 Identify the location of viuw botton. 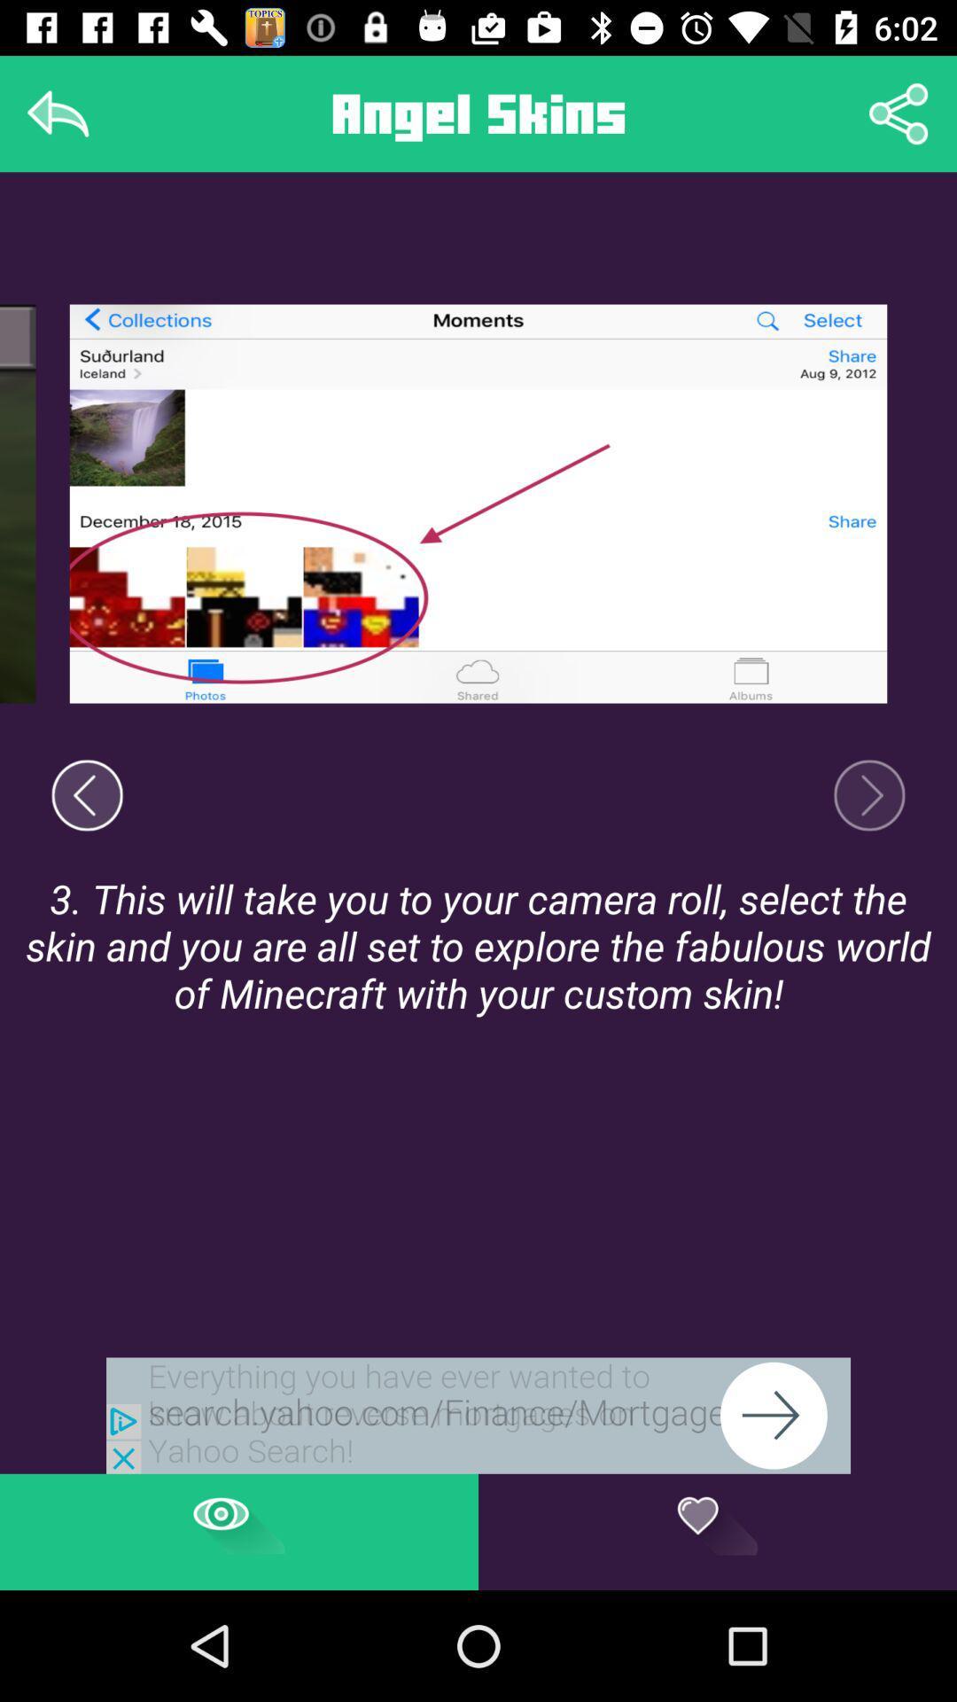
(239, 1531).